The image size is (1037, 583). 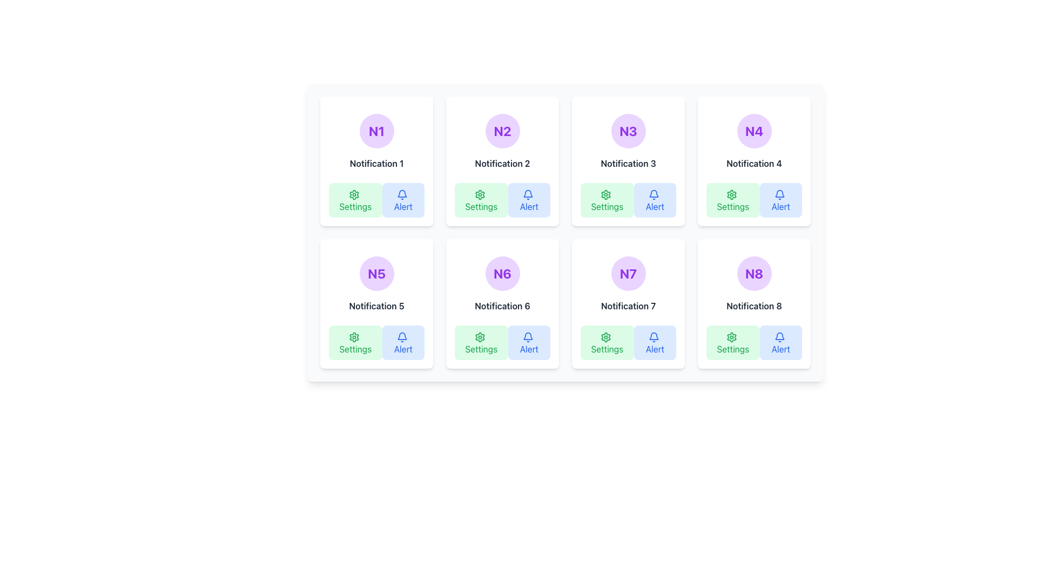 I want to click on the settings icon located in the bottom-left corner of the 'Notification 6' card, which is positioned above the 'Settings' label, so click(x=480, y=336).